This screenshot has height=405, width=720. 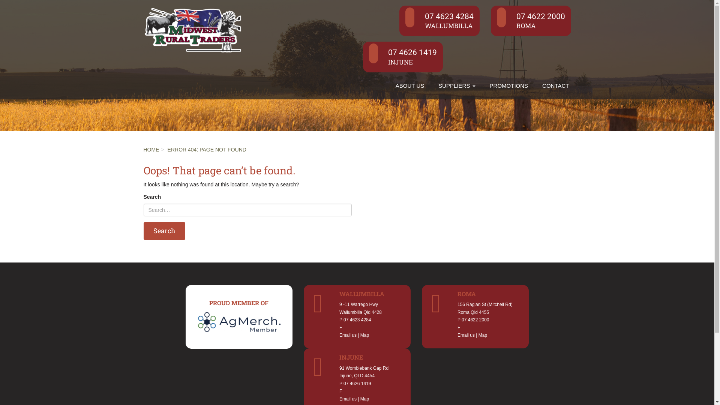 What do you see at coordinates (192, 28) in the screenshot?
I see `'Midwest Rural Traders home page'` at bounding box center [192, 28].